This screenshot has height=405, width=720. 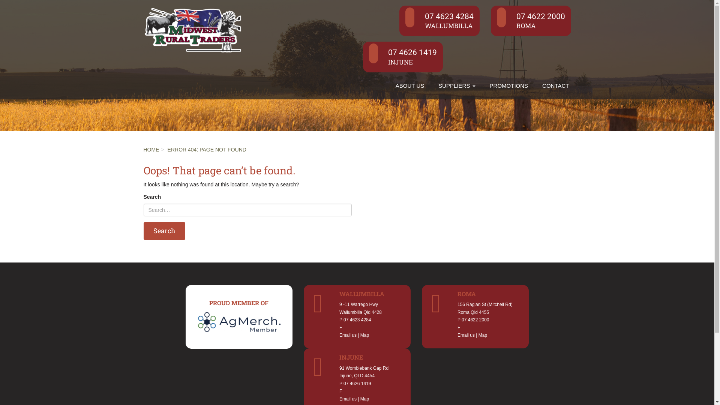 What do you see at coordinates (192, 28) in the screenshot?
I see `'Midwest Rural Traders home page'` at bounding box center [192, 28].